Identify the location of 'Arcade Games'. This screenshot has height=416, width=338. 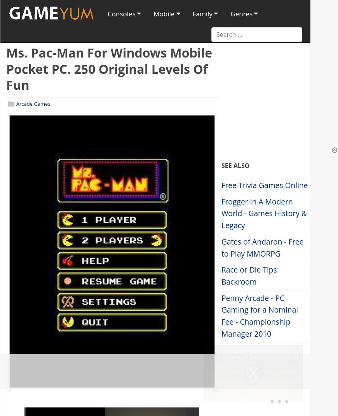
(33, 103).